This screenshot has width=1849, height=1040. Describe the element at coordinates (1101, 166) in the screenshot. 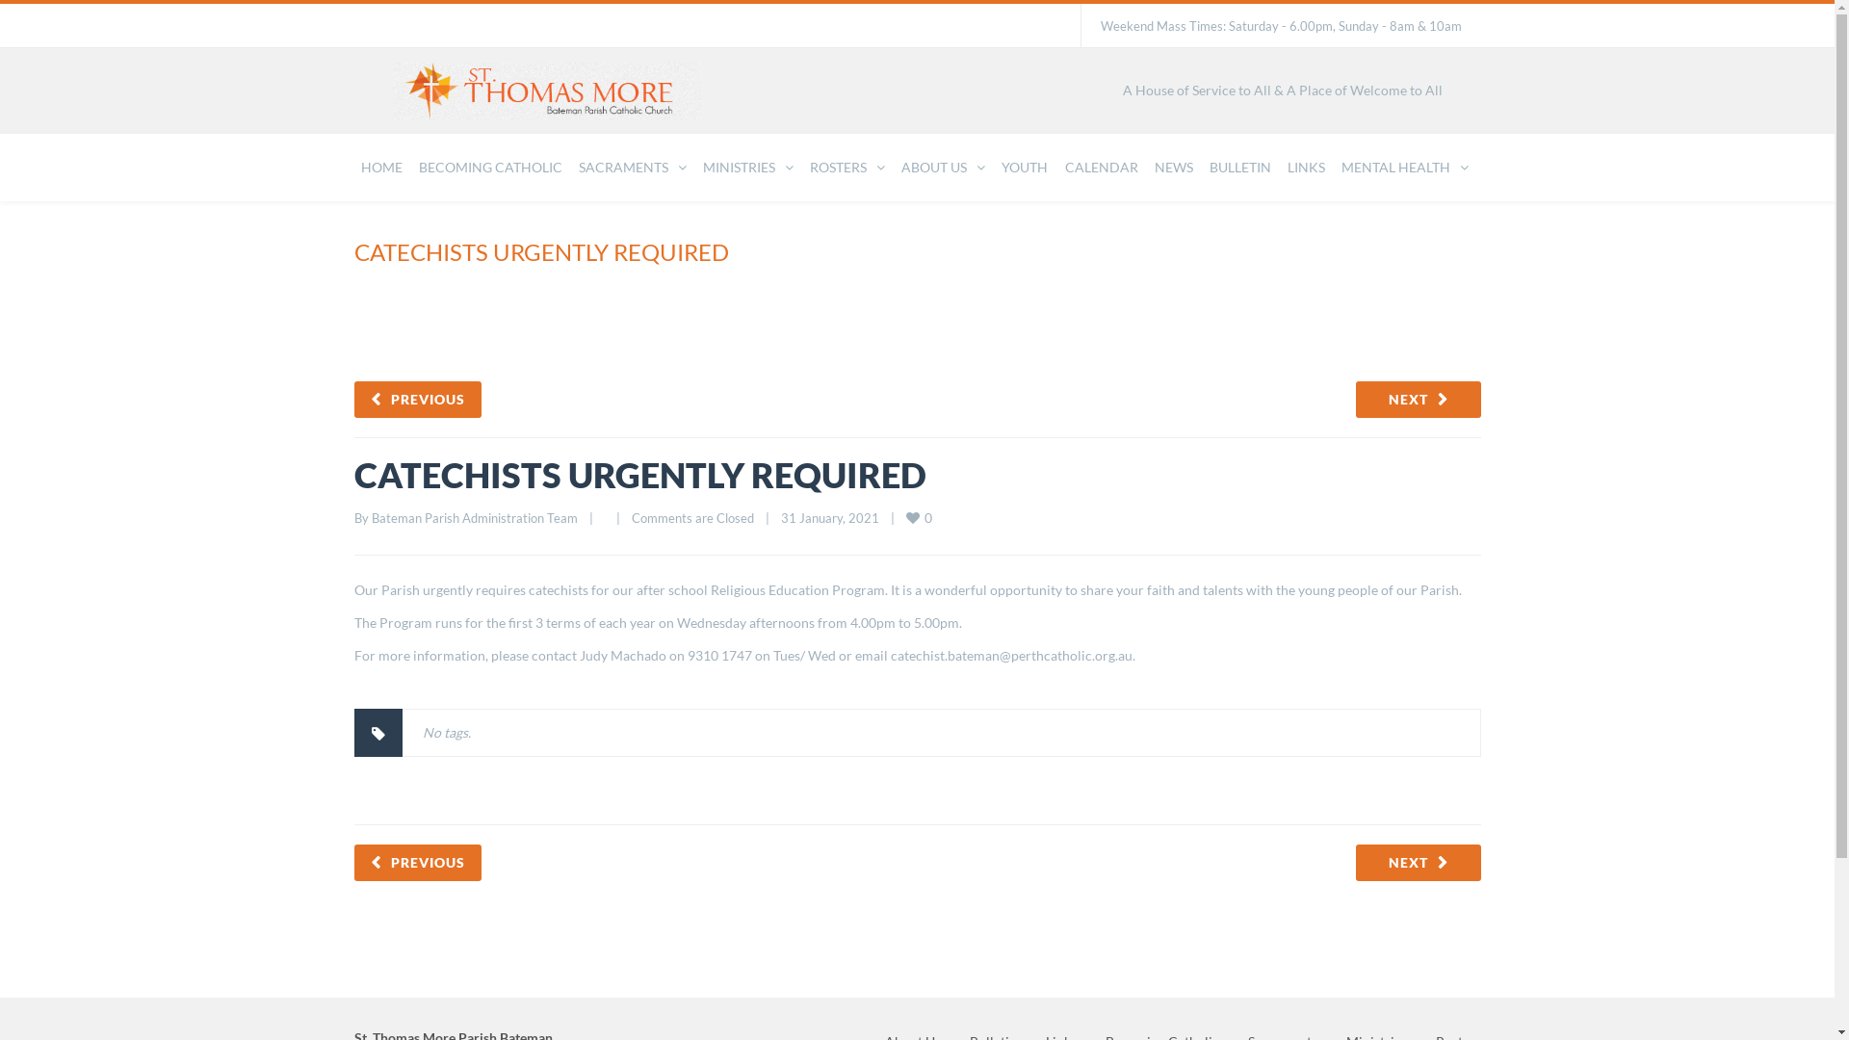

I see `'CALENDAR'` at that location.